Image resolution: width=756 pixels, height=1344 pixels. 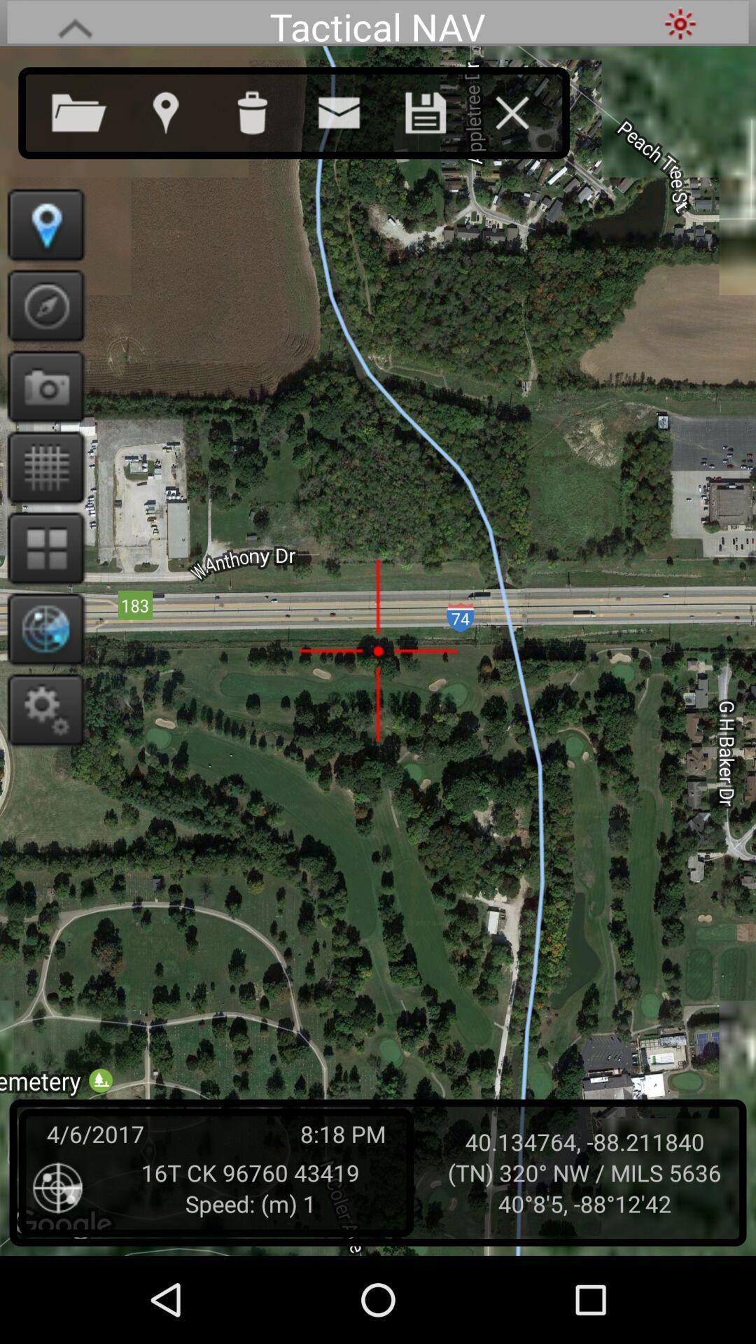 I want to click on open maps, so click(x=178, y=109).